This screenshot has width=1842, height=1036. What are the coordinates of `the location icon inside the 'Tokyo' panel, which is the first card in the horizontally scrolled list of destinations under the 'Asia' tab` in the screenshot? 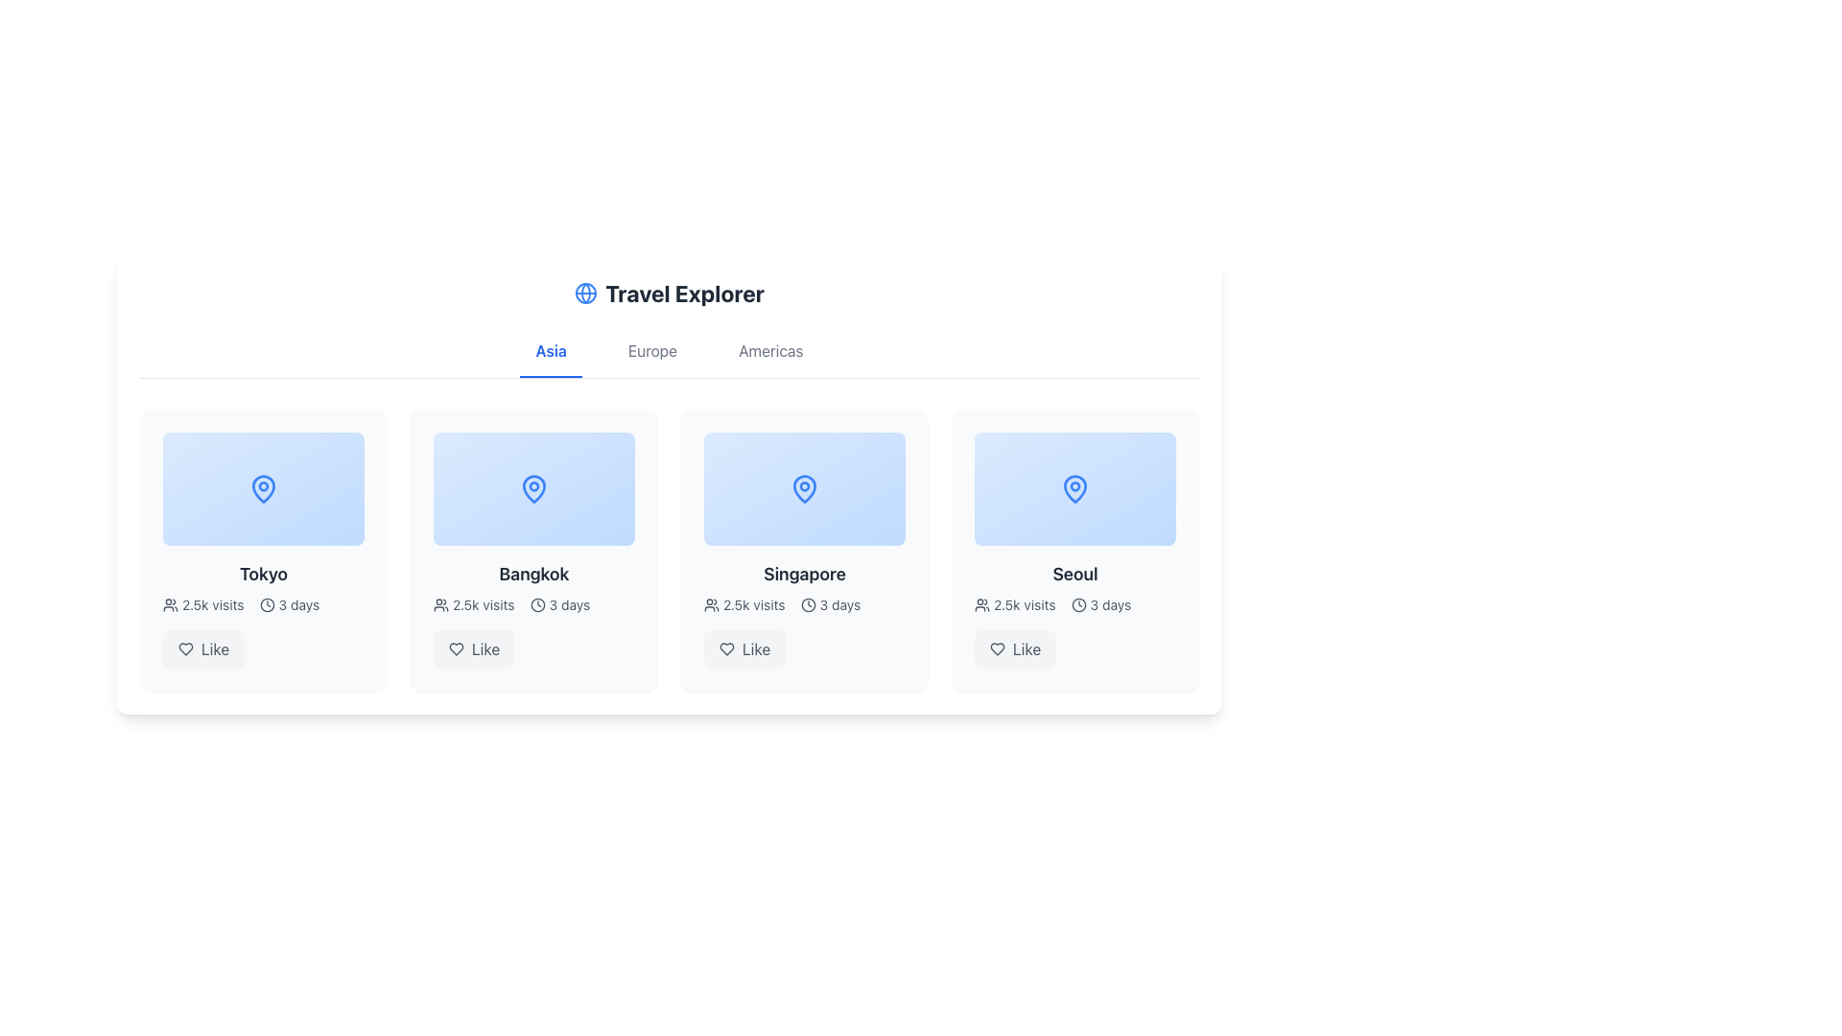 It's located at (262, 487).